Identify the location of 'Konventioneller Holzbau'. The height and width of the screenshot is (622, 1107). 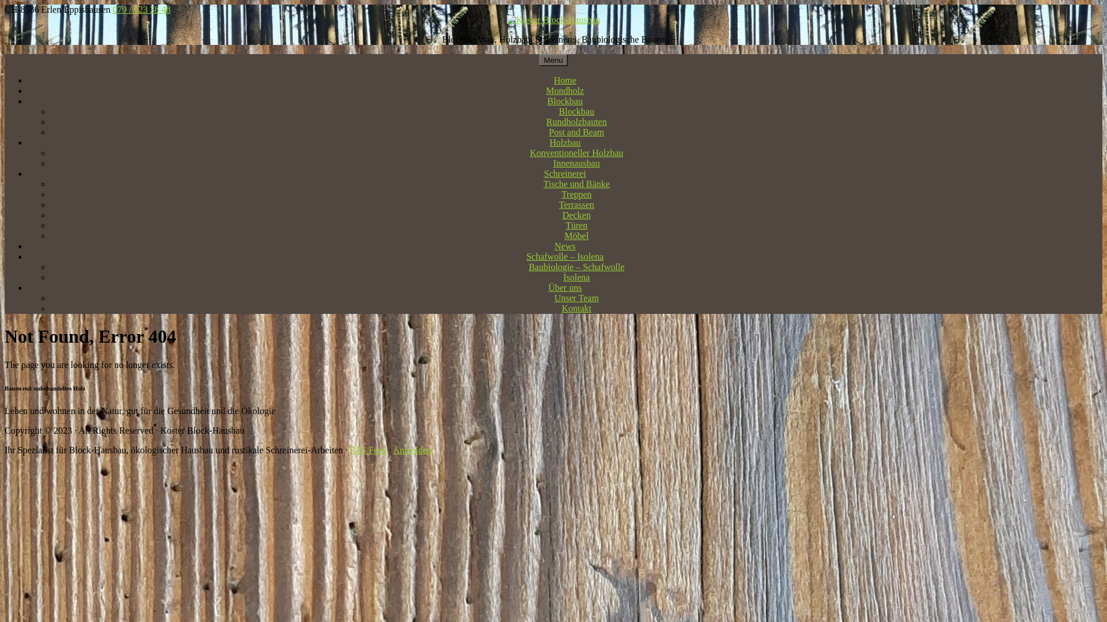
(576, 152).